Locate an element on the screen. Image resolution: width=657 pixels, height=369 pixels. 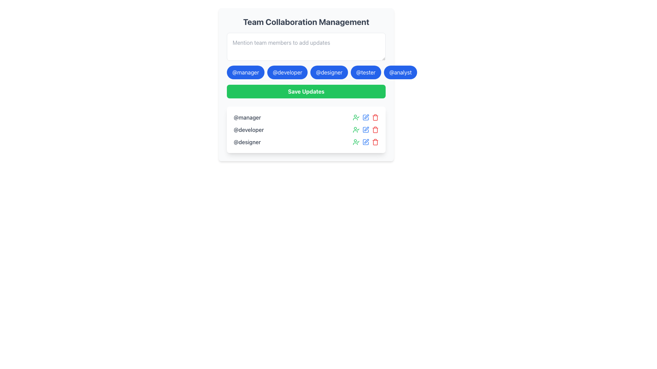
the blue button labeled '@designer' is located at coordinates (329, 72).